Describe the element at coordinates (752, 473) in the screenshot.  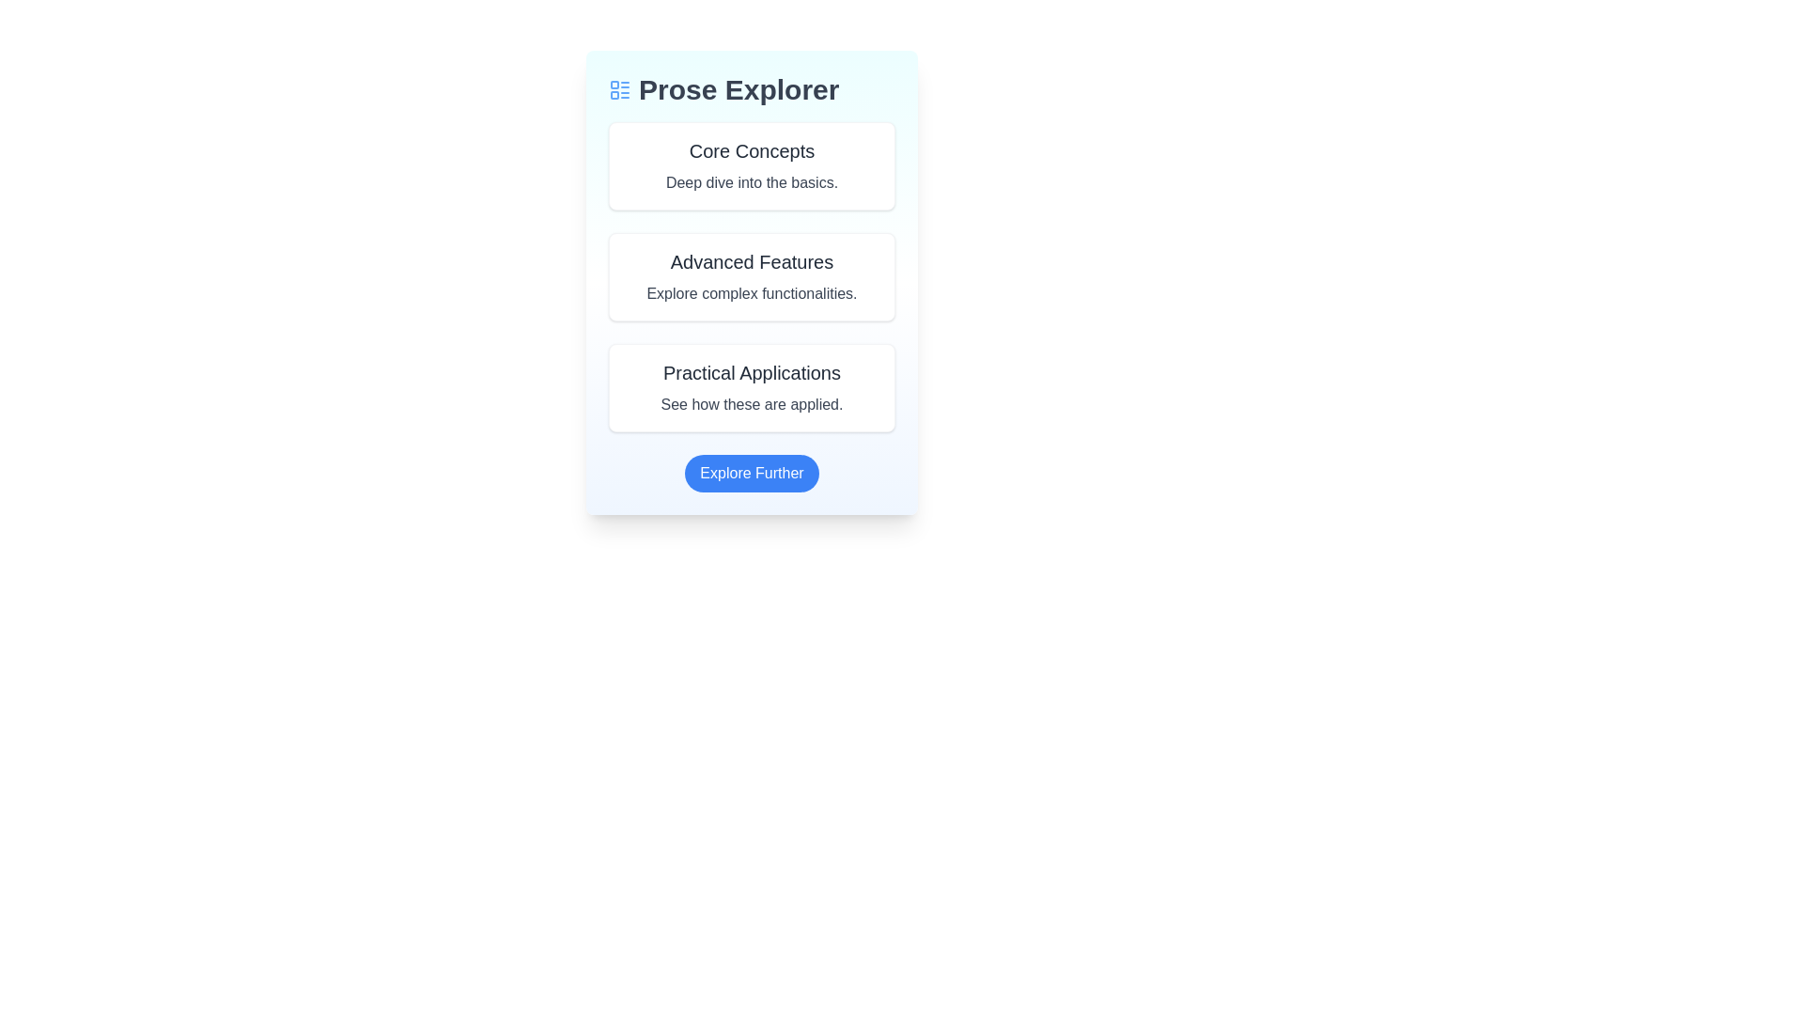
I see `the blue button labeled 'Explore Further' at the bottom of the content section` at that location.